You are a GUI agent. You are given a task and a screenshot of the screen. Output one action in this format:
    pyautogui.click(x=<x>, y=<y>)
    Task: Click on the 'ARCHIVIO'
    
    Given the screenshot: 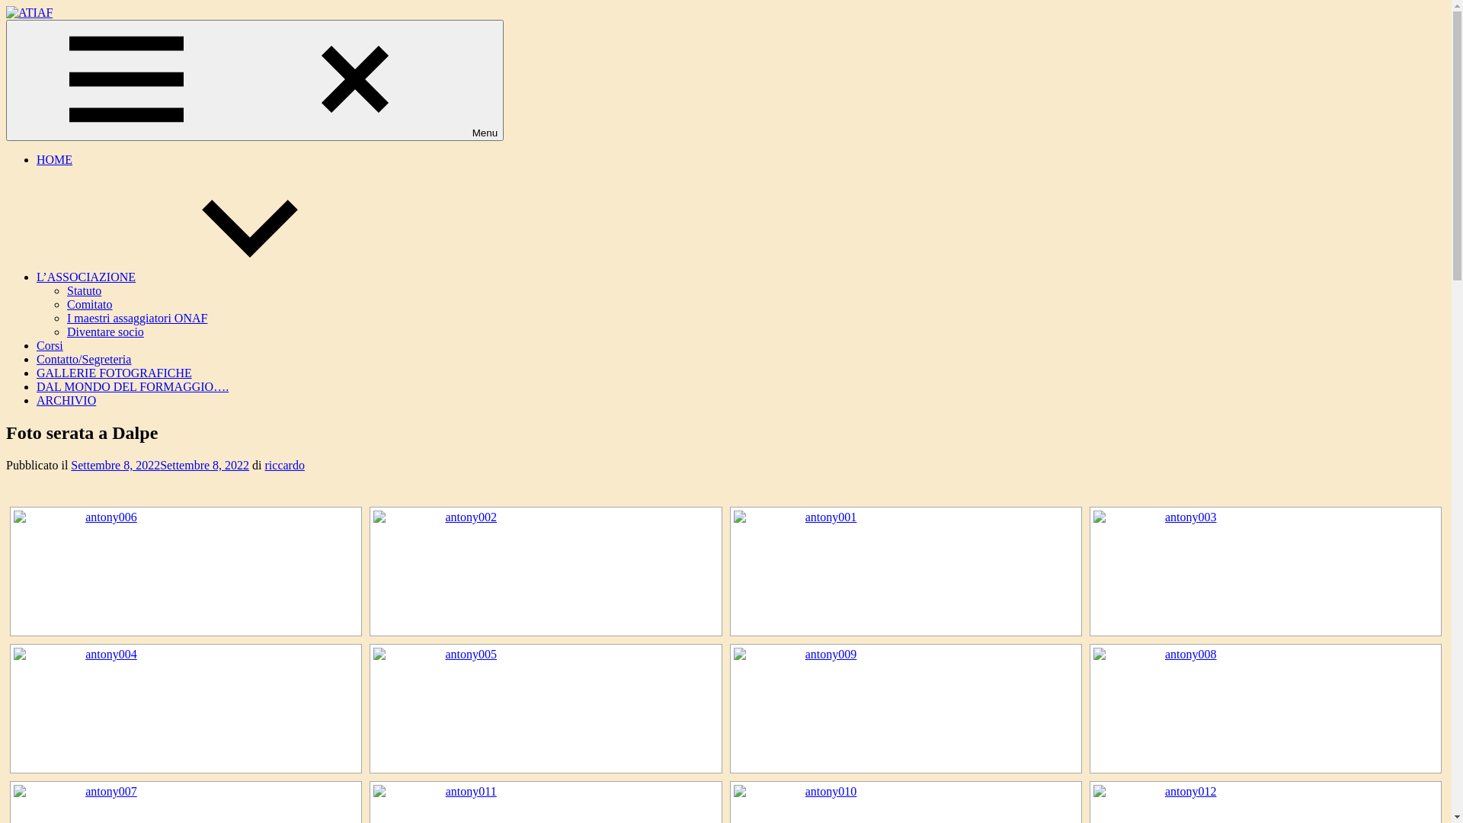 What is the action you would take?
    pyautogui.click(x=65, y=399)
    